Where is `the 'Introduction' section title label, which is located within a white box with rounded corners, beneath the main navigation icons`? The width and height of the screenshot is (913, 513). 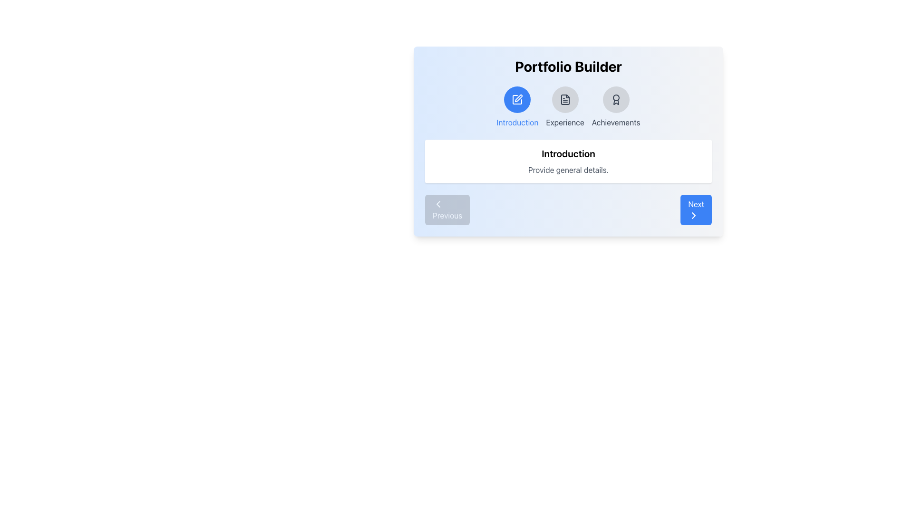
the 'Introduction' section title label, which is located within a white box with rounded corners, beneath the main navigation icons is located at coordinates (568, 153).